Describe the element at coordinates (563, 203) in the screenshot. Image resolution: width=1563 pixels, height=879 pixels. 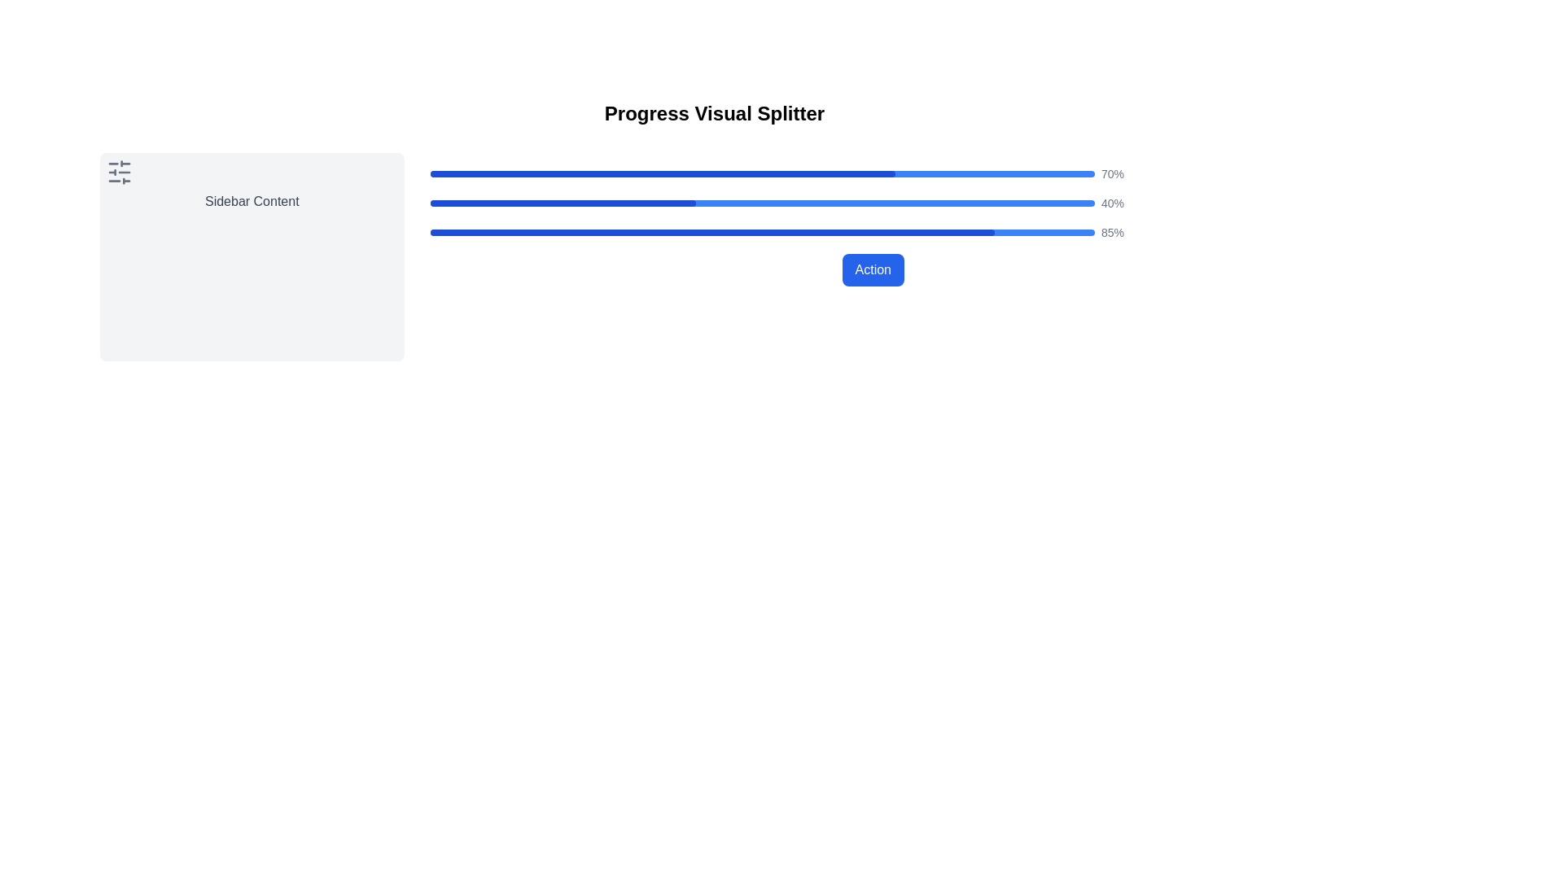
I see `the partially-filled progress bar segment, which is colored in a darker blue shade and represents 40% completion of a task` at that location.